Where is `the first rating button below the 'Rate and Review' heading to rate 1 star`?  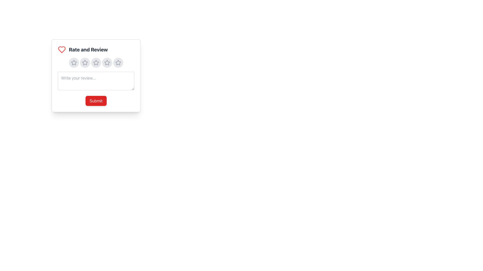
the first rating button below the 'Rate and Review' heading to rate 1 star is located at coordinates (73, 62).